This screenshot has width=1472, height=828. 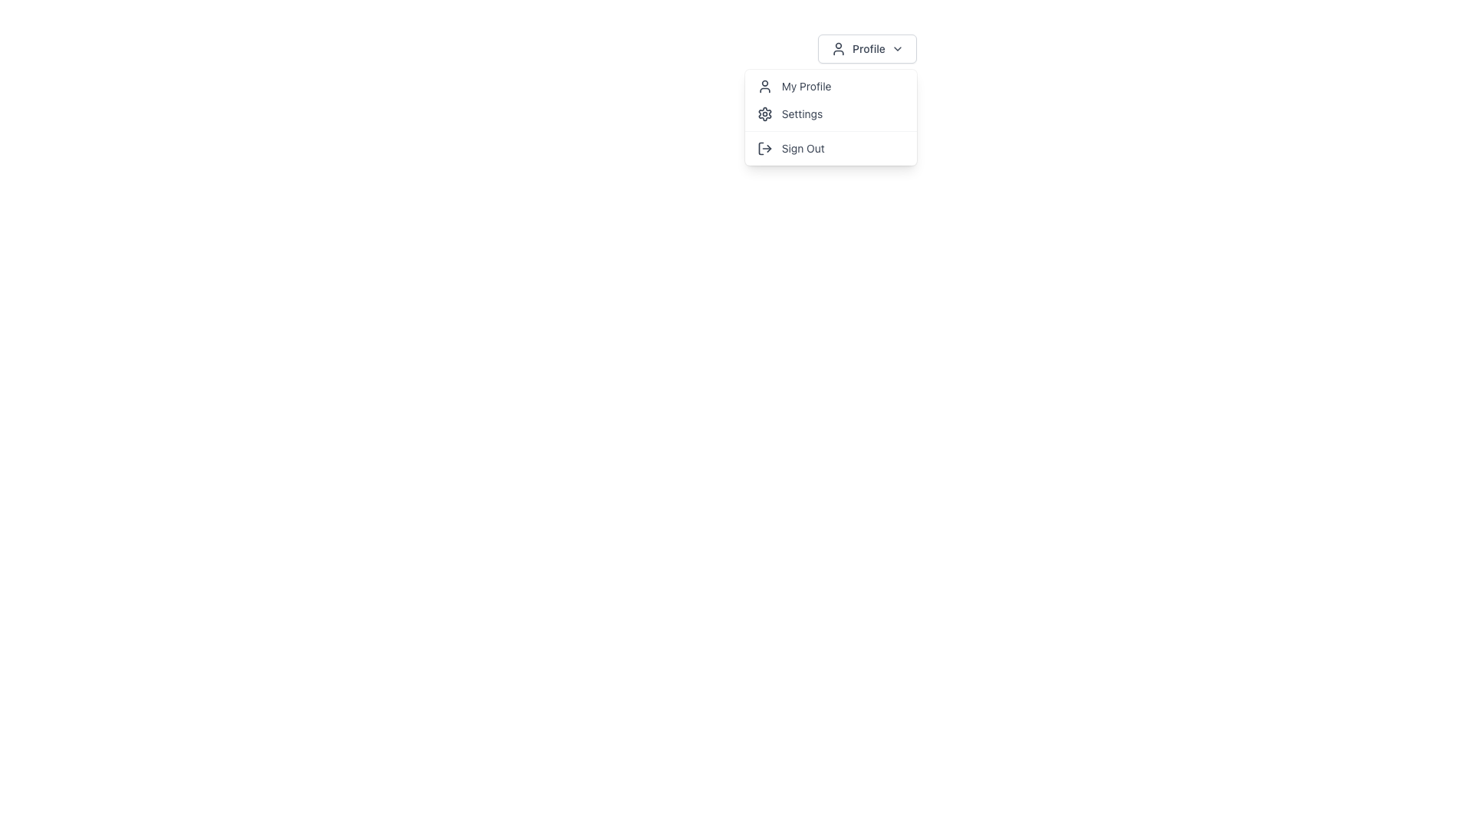 What do you see at coordinates (897, 48) in the screenshot?
I see `the downward-facing chevron icon next to the 'Profile' label` at bounding box center [897, 48].